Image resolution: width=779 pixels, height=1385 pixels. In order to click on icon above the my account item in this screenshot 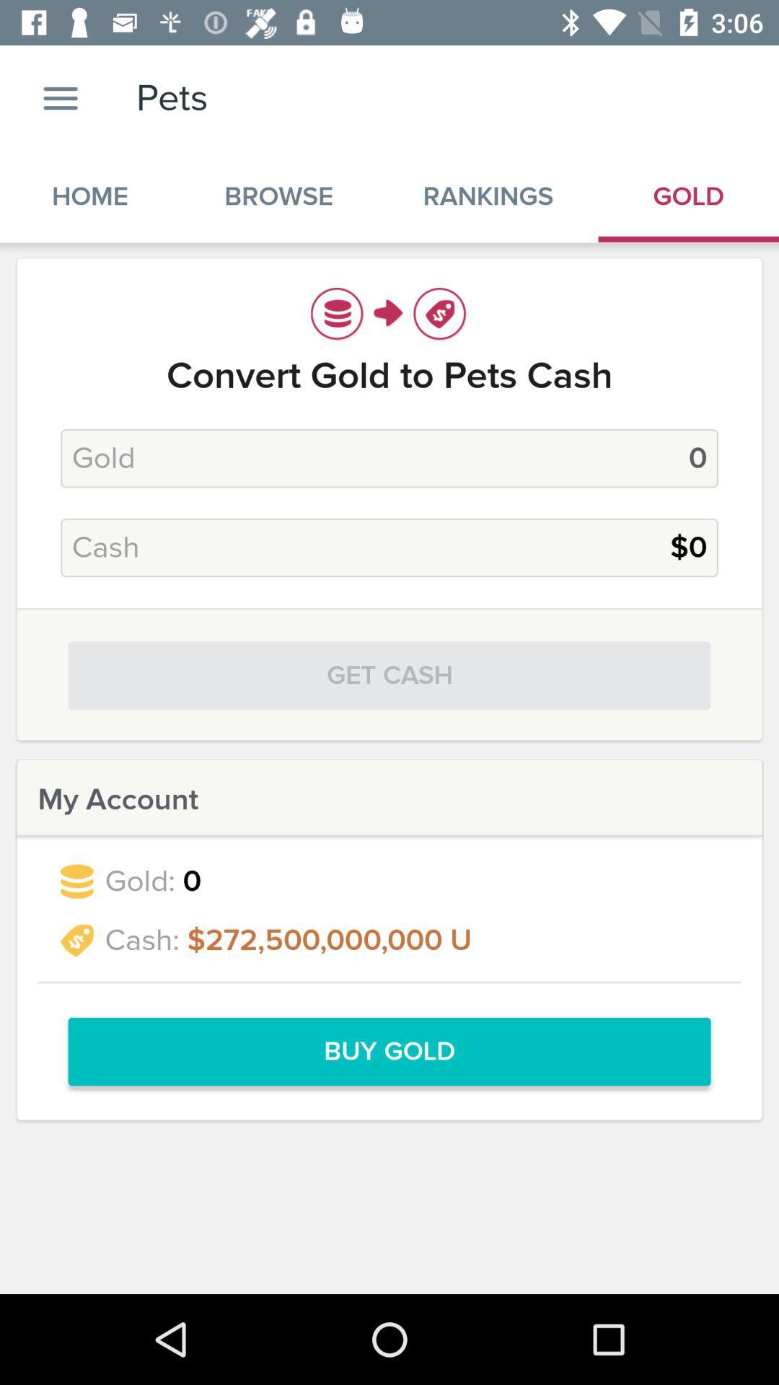, I will do `click(389, 674)`.